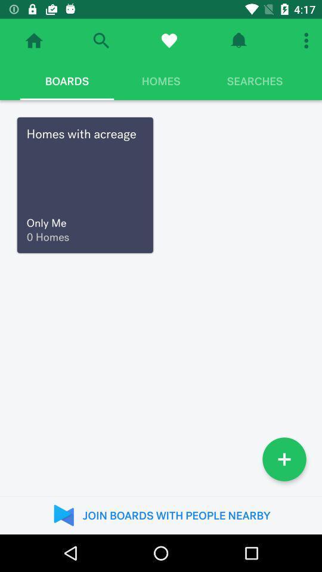  I want to click on the home page, so click(34, 41).